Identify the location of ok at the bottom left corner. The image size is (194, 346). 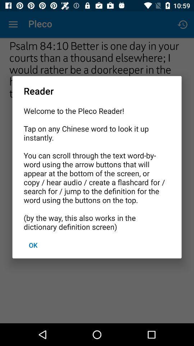
(33, 245).